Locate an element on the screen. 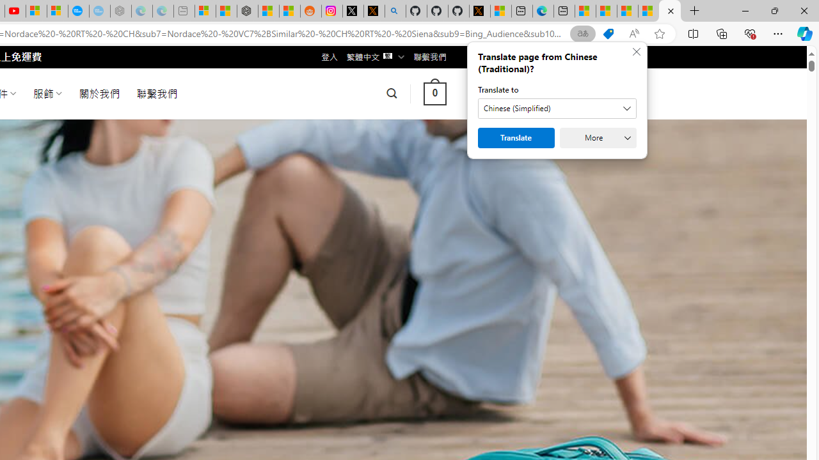 This screenshot has width=819, height=460. 'Collections' is located at coordinates (722, 33).